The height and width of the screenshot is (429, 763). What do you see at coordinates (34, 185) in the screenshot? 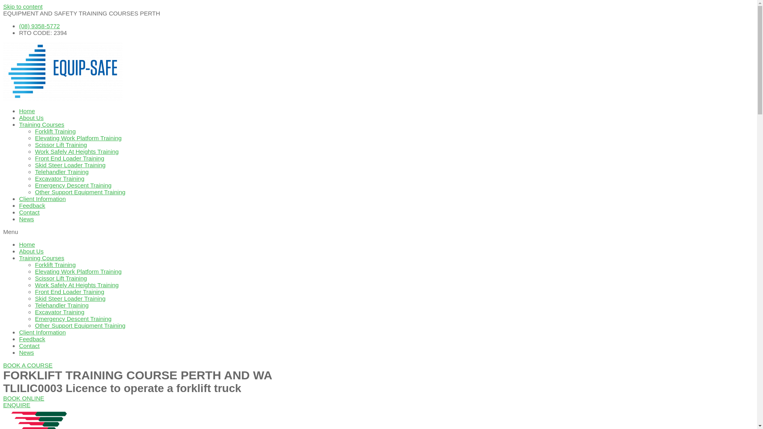
I see `'Emergency Descent Training'` at bounding box center [34, 185].